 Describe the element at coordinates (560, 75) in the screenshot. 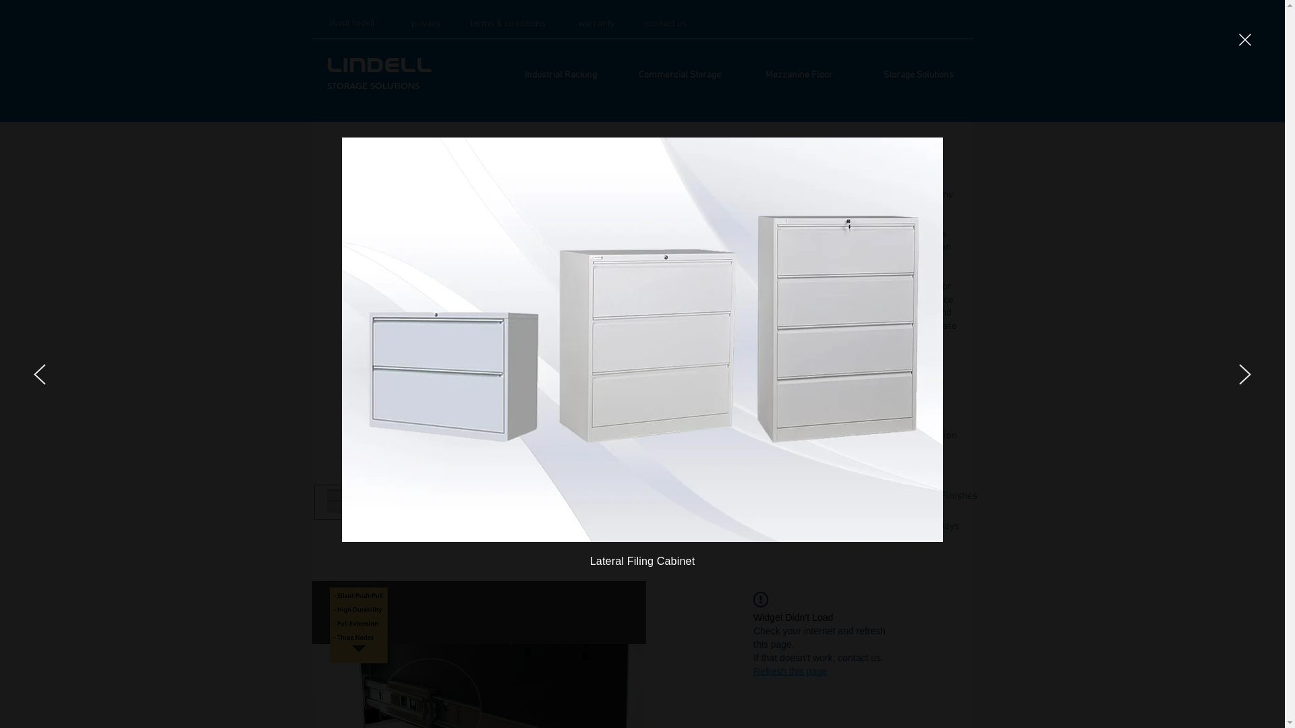

I see `'Industrial Racking'` at that location.